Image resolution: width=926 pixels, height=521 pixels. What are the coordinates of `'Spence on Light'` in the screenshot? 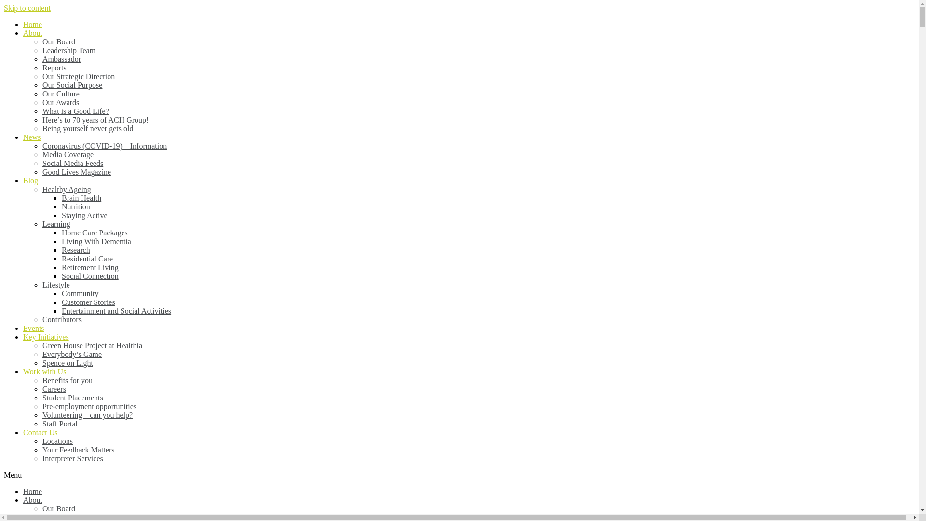 It's located at (41, 363).